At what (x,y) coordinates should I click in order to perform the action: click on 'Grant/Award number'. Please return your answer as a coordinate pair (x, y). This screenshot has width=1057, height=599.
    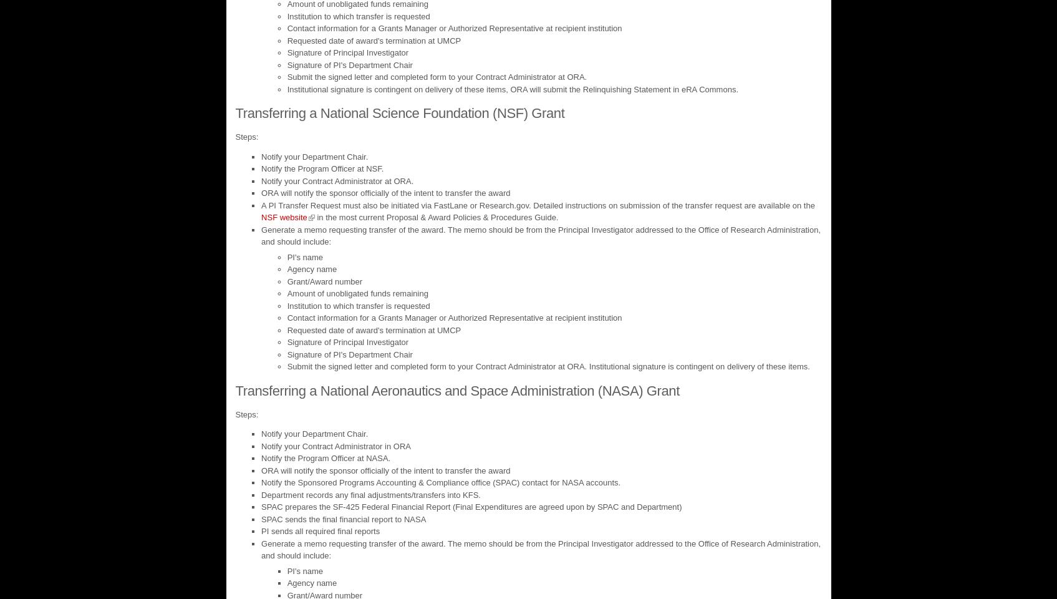
    Looking at the image, I should click on (324, 281).